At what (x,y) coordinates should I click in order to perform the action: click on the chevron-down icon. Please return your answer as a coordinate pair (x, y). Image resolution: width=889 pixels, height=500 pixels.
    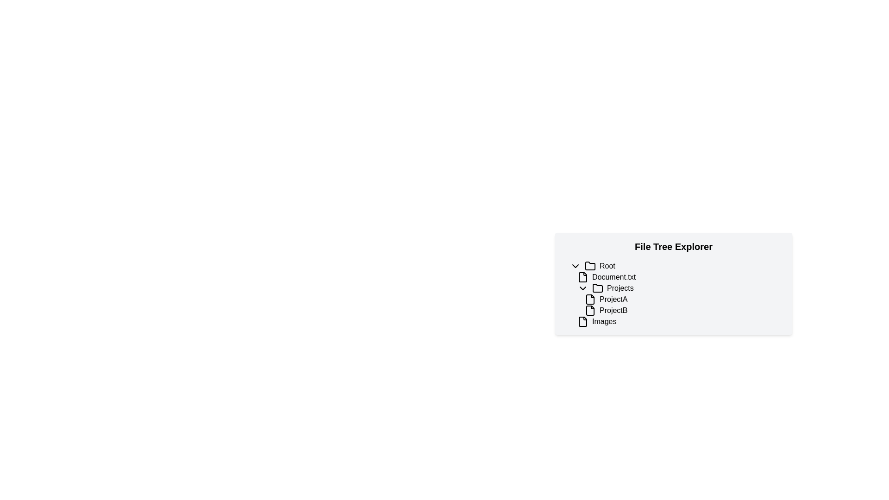
    Looking at the image, I should click on (575, 266).